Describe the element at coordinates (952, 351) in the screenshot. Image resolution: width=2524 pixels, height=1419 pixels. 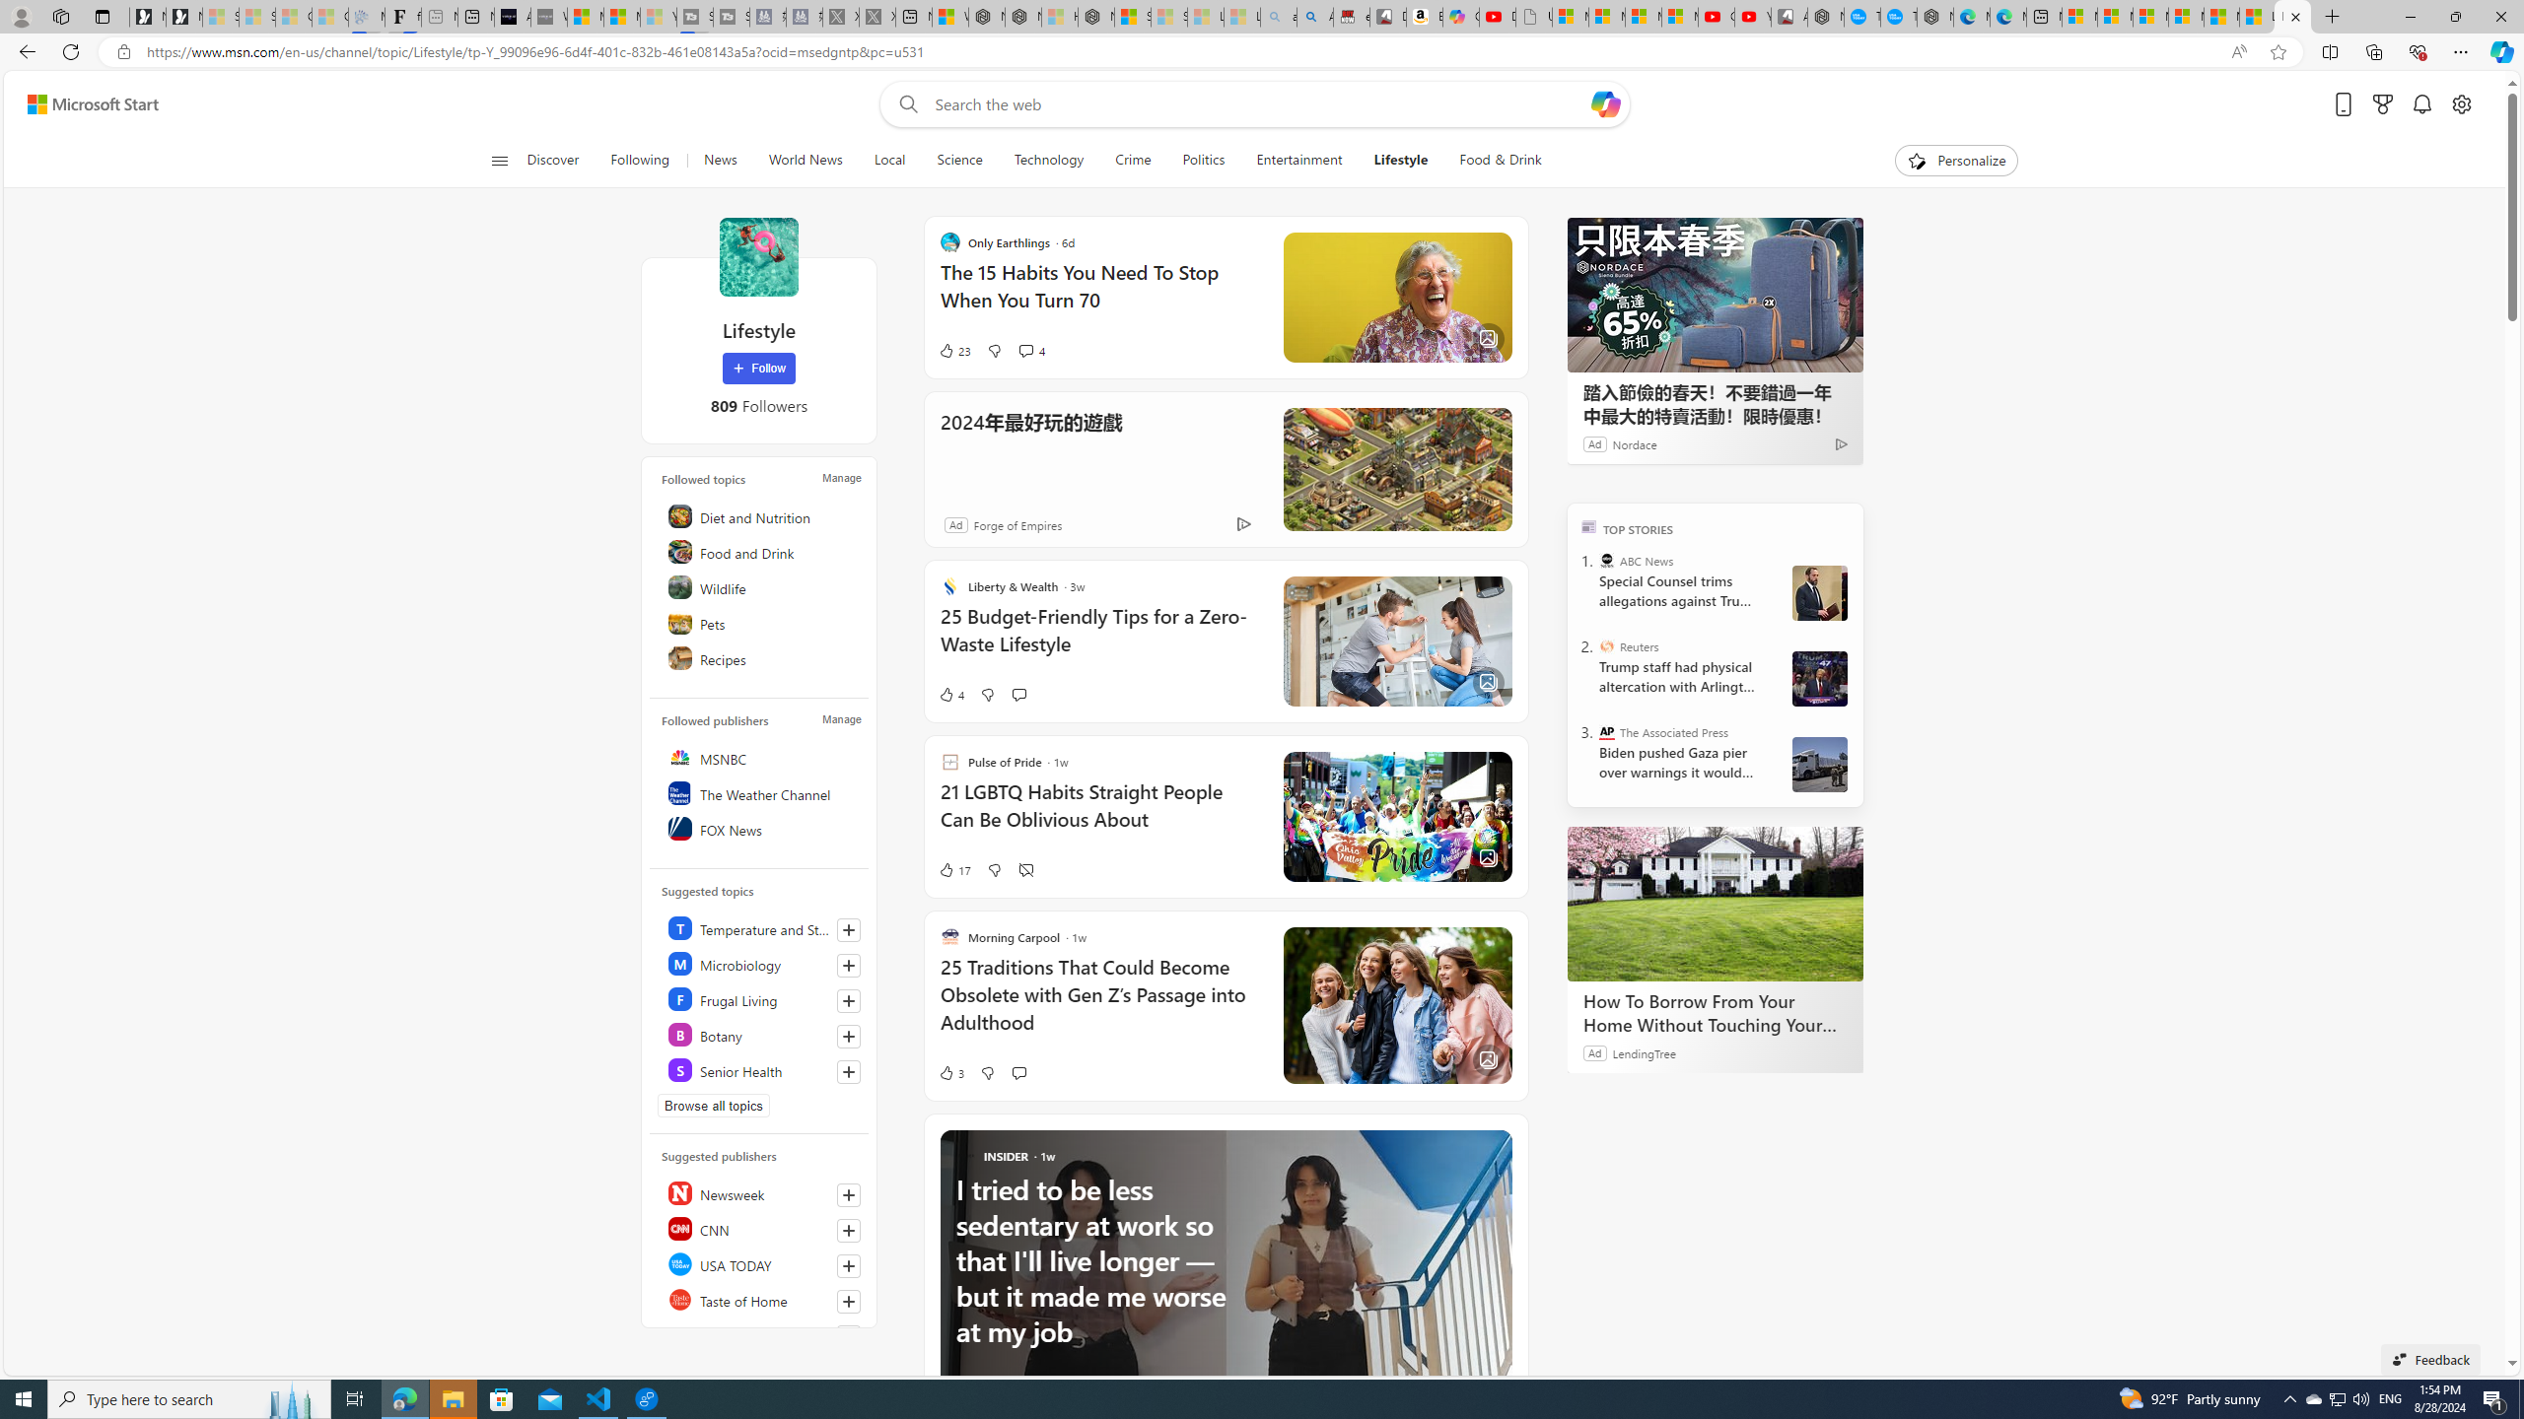
I see `'23 Like'` at that location.